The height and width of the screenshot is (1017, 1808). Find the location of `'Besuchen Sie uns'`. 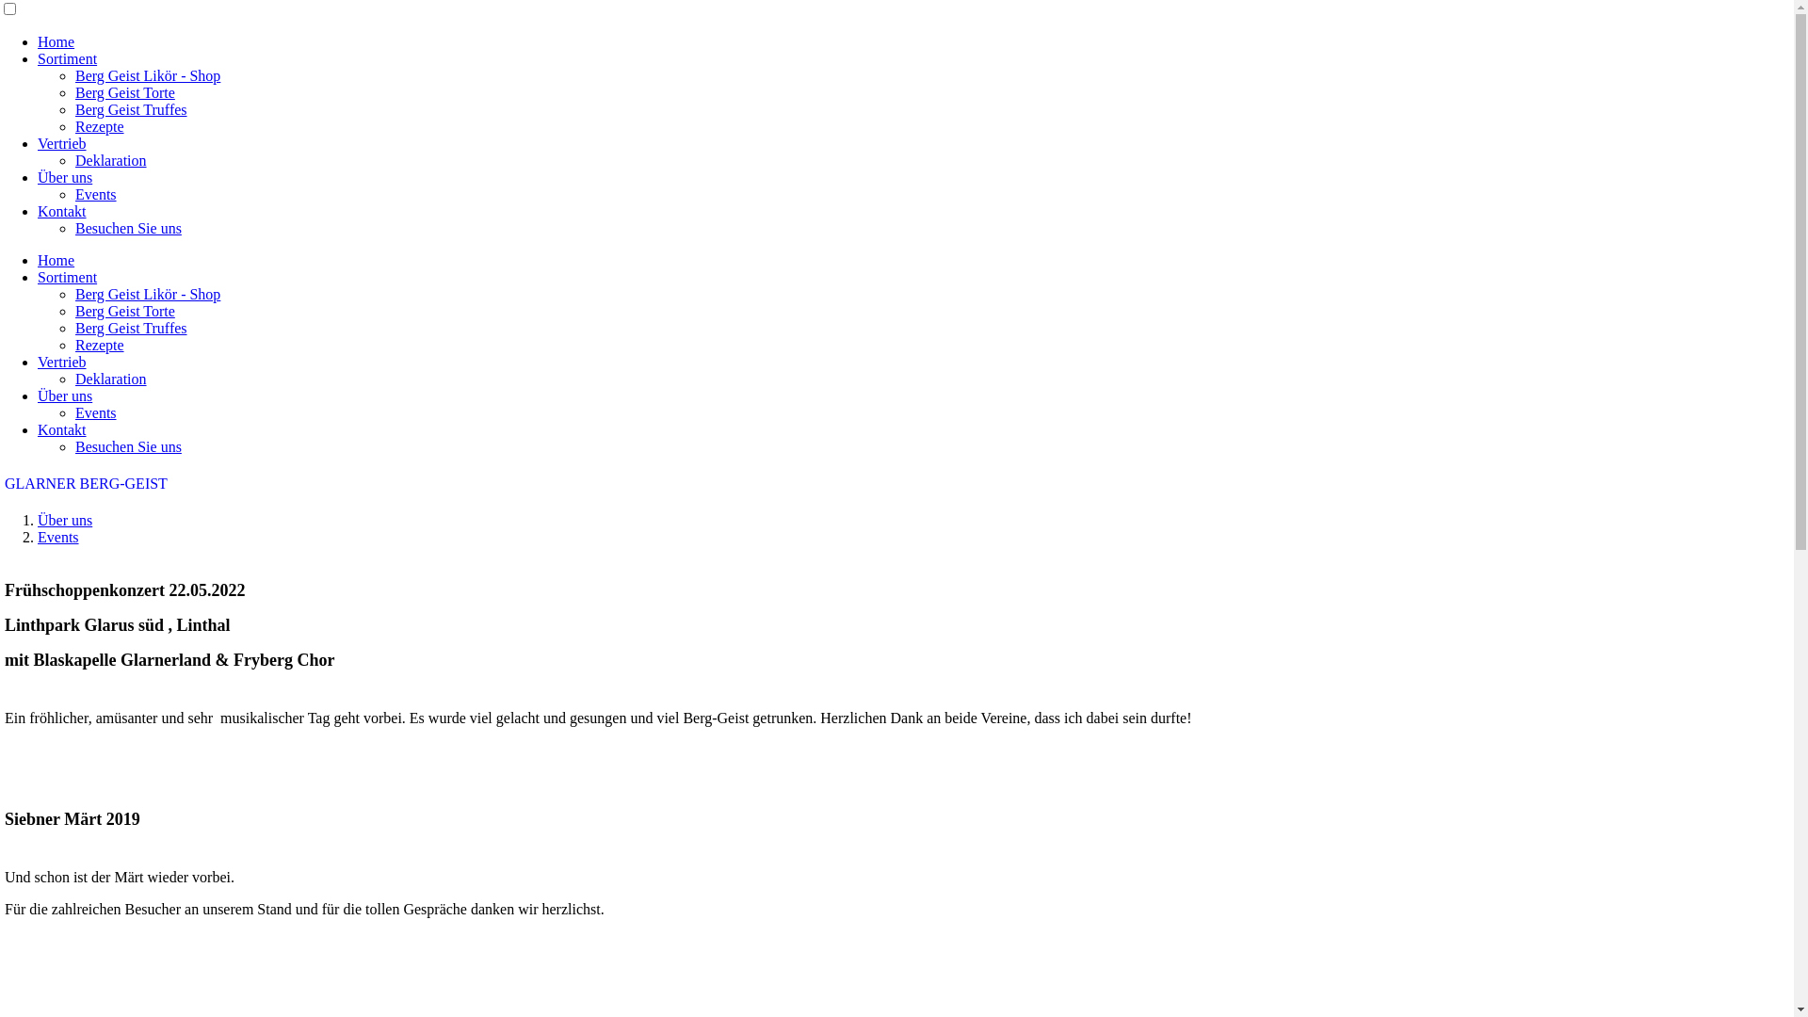

'Besuchen Sie uns' is located at coordinates (127, 227).